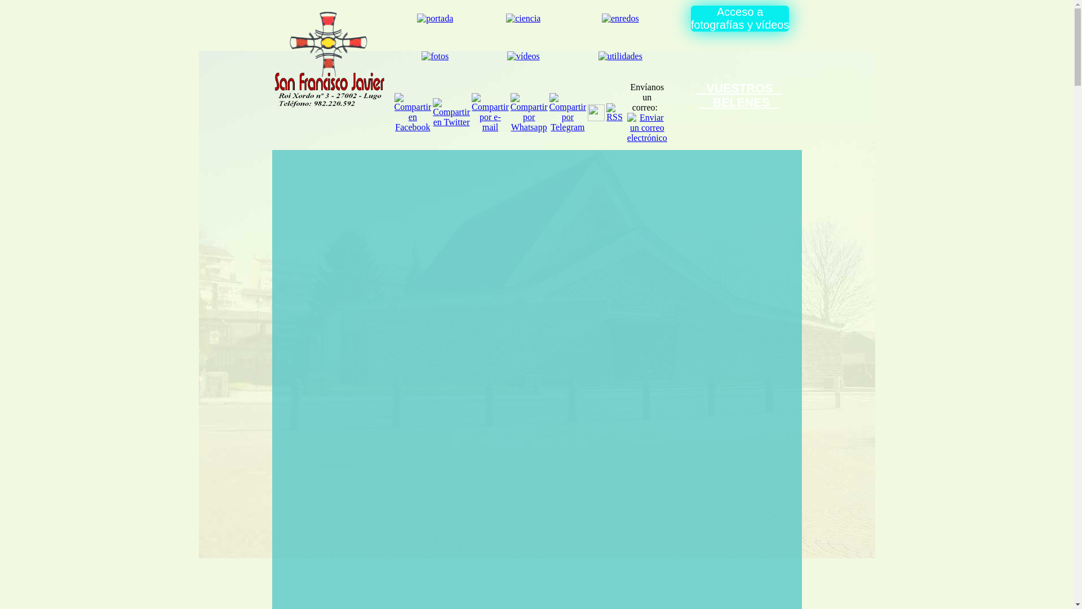 The height and width of the screenshot is (609, 1082). Describe the element at coordinates (696, 95) in the screenshot. I see `'   VUESTROS` at that location.